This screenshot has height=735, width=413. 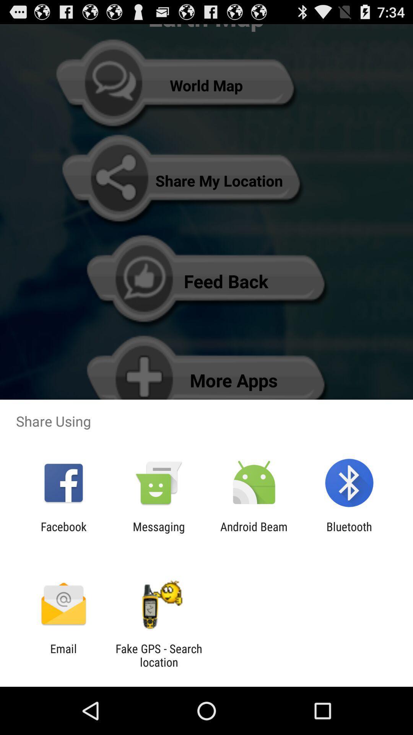 What do you see at coordinates (158, 533) in the screenshot?
I see `app to the left of android beam` at bounding box center [158, 533].